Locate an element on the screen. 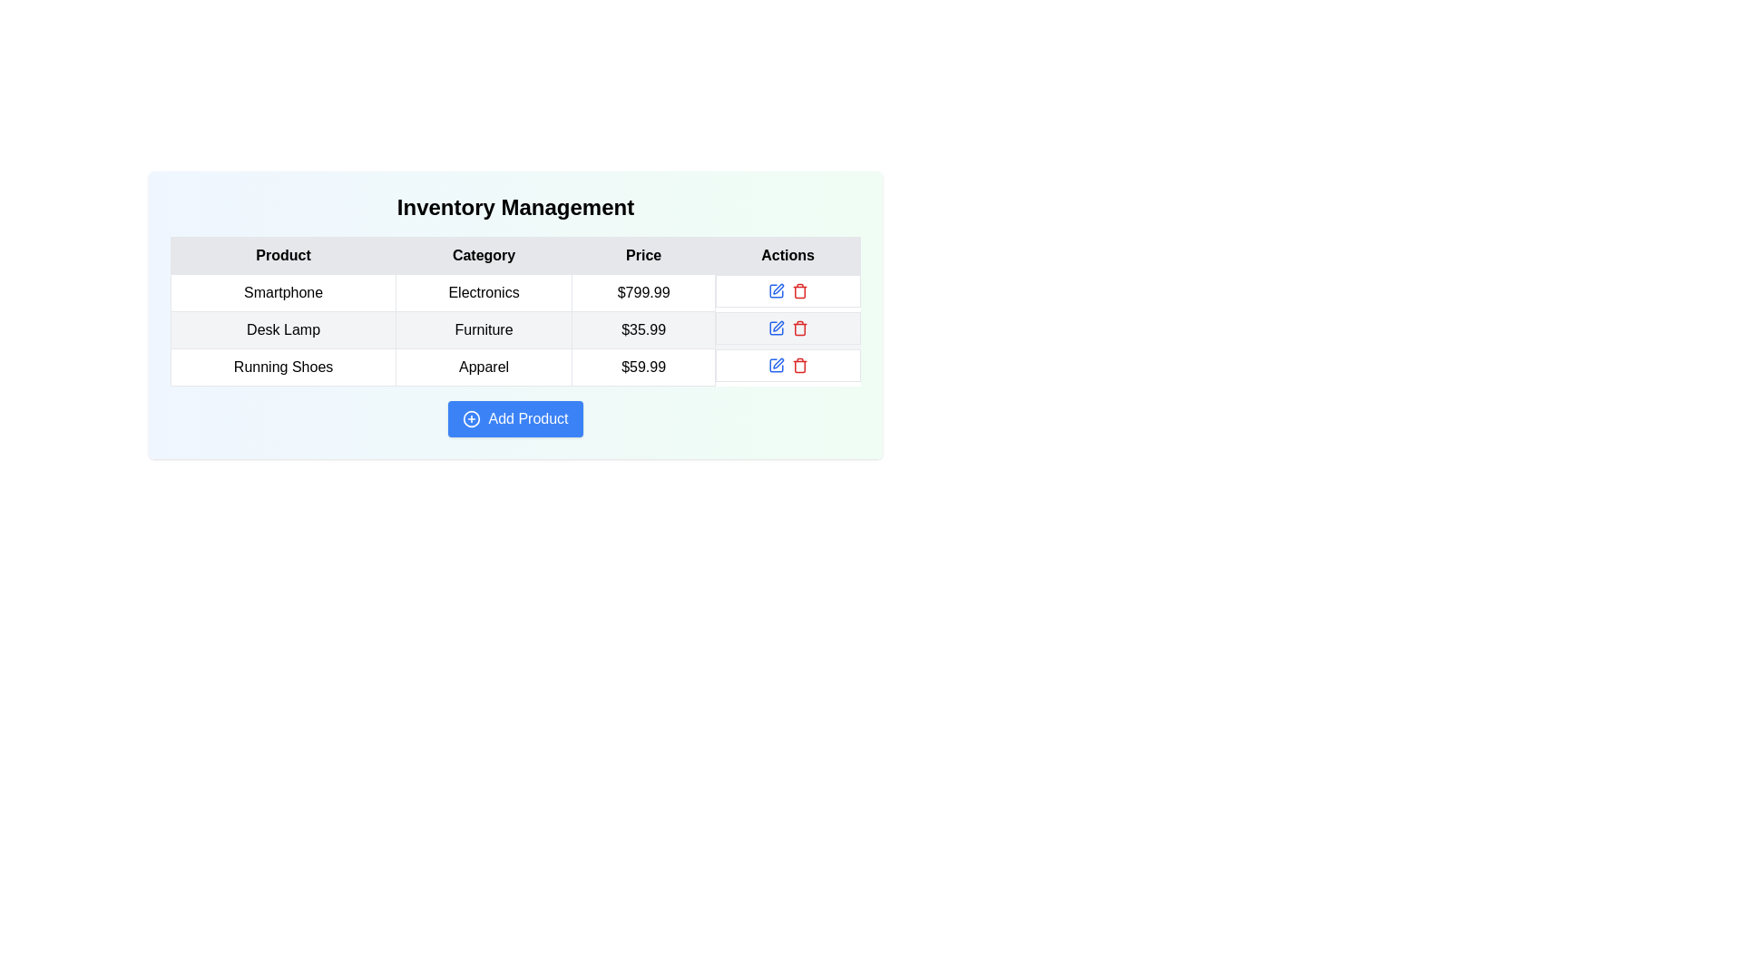  the 'Add Product' button, which has a blue background, white text, and rounded corners, located below the 'Inventory Management' table is located at coordinates (514, 419).